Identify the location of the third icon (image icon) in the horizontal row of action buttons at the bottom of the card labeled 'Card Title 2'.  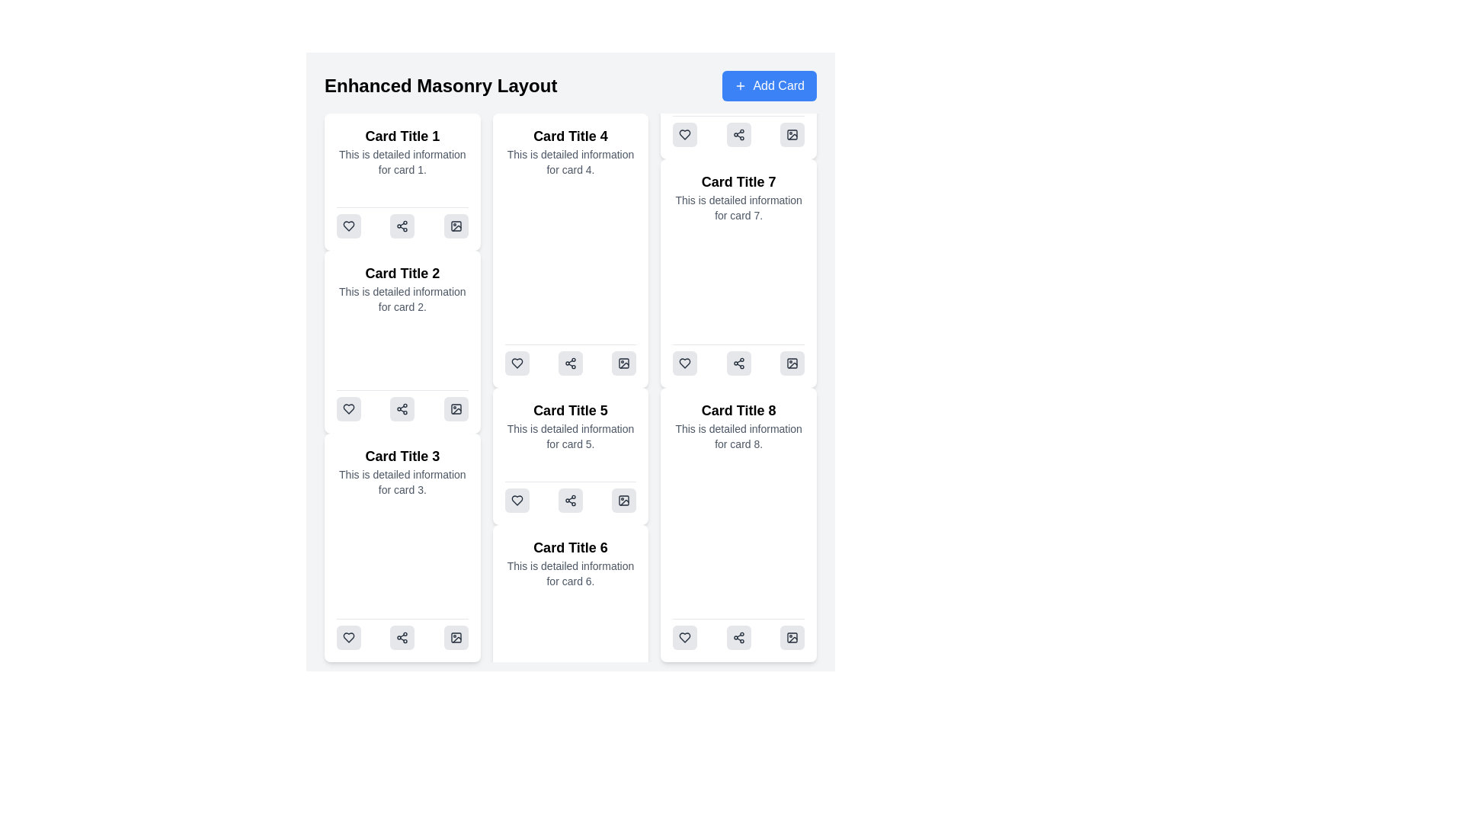
(455, 226).